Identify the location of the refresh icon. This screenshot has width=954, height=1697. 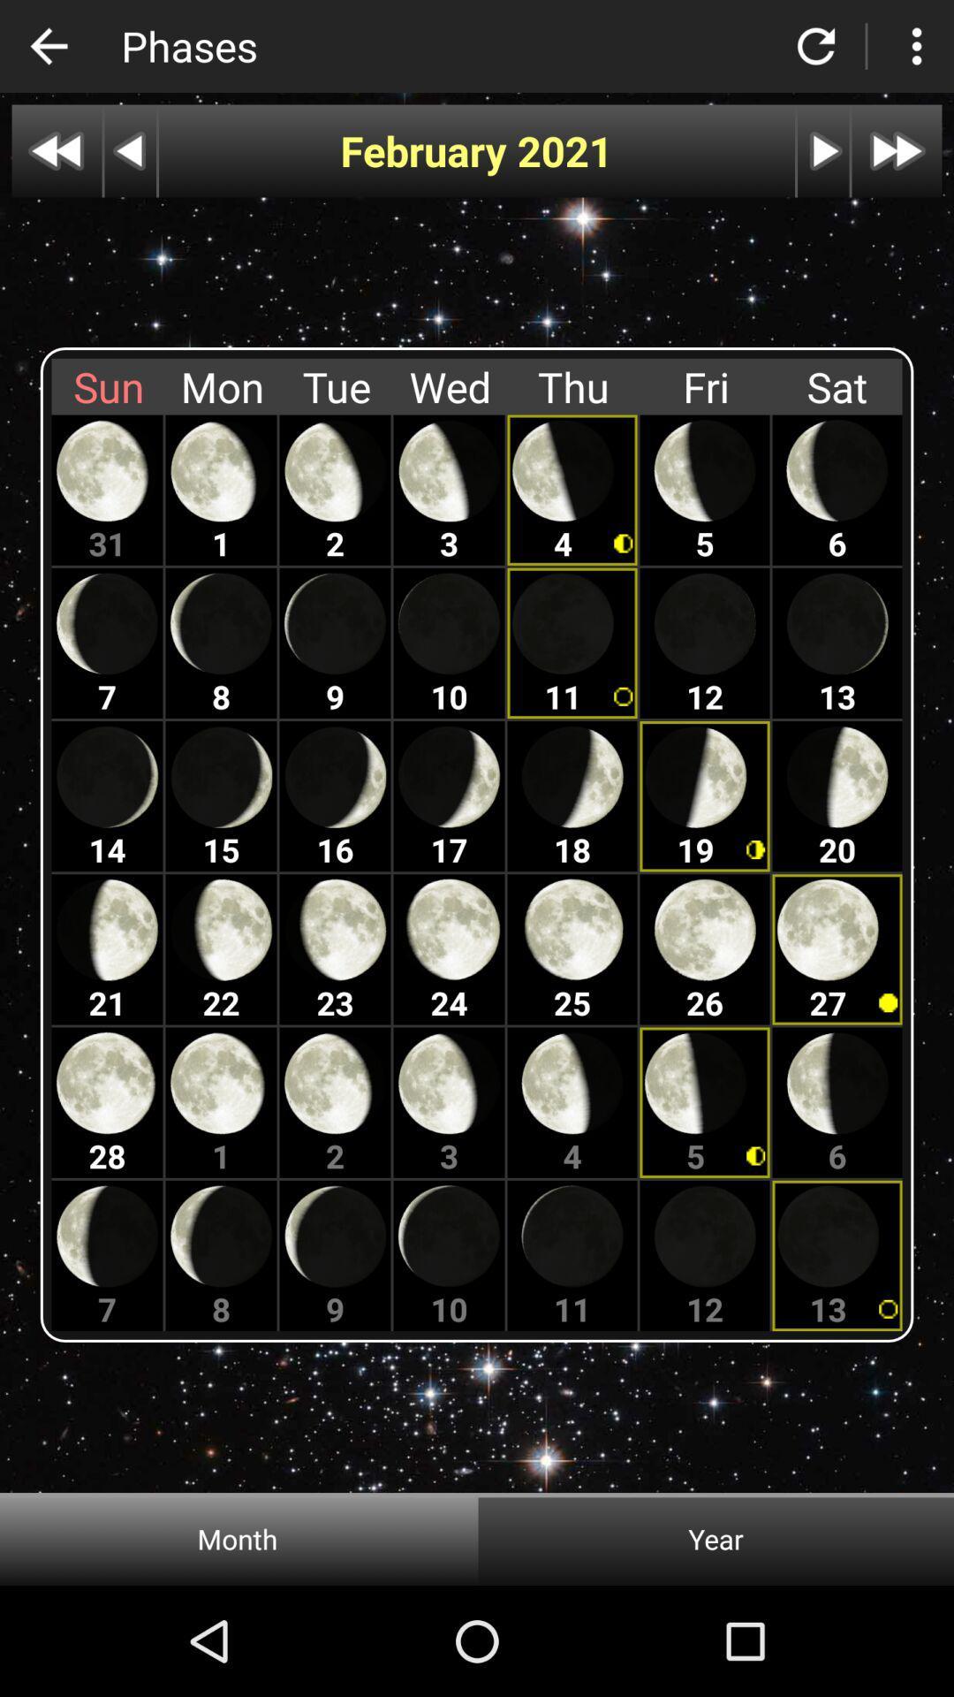
(816, 46).